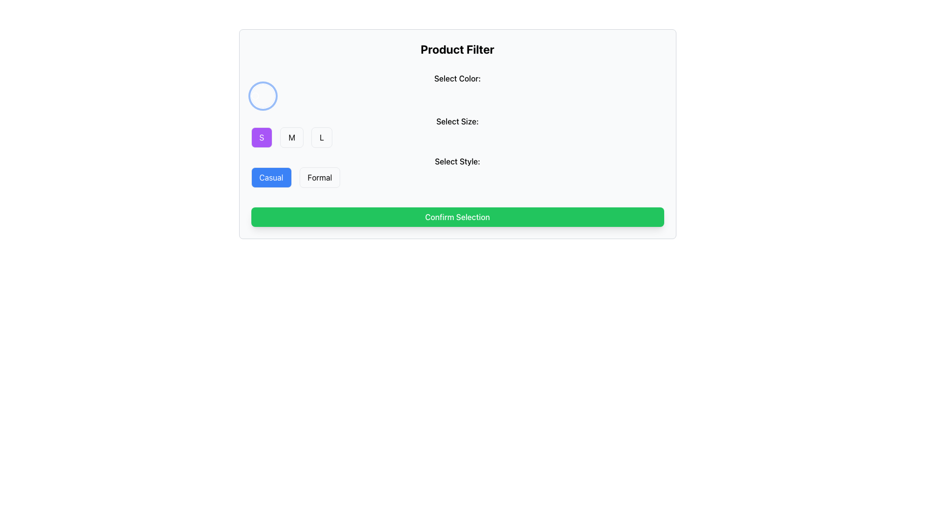 This screenshot has height=527, width=937. What do you see at coordinates (325, 96) in the screenshot?
I see `the fifth circular button representing green color selection in the product filter` at bounding box center [325, 96].